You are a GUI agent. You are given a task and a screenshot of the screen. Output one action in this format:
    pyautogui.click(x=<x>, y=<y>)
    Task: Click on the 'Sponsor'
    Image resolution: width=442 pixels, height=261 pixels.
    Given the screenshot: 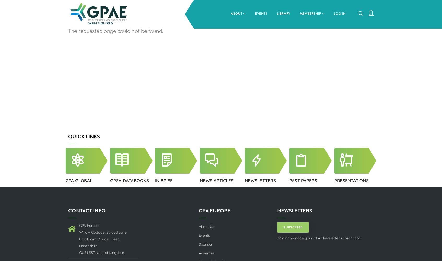 What is the action you would take?
    pyautogui.click(x=205, y=244)
    